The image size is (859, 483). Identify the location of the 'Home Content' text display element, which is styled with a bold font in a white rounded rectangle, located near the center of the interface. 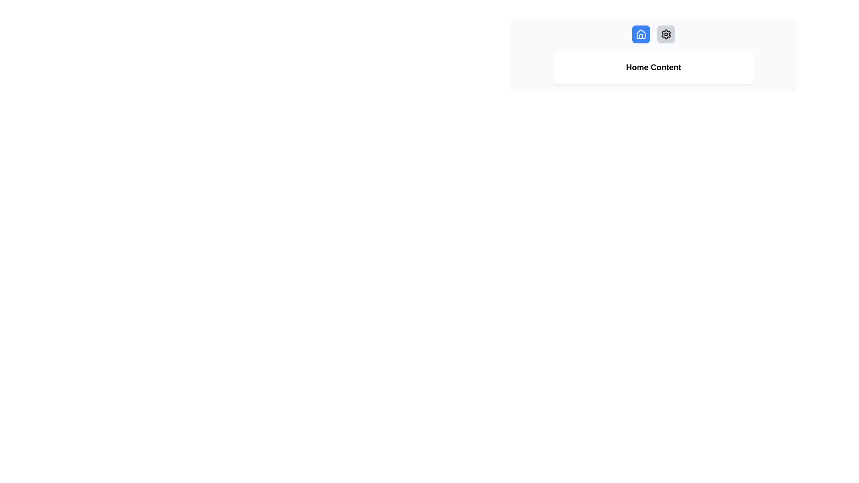
(653, 67).